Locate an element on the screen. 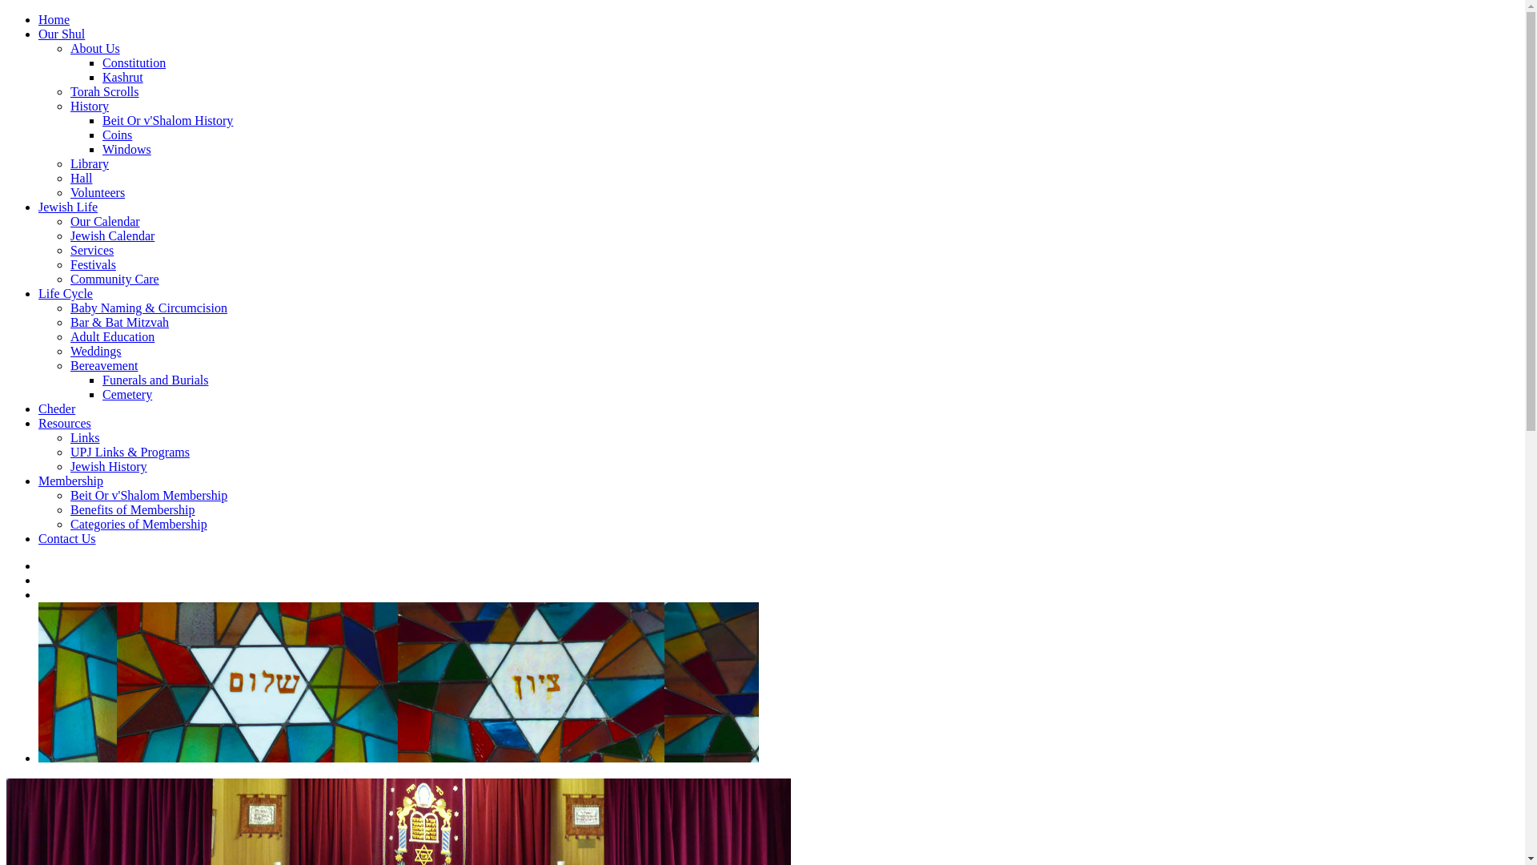 The width and height of the screenshot is (1537, 865). 'History' is located at coordinates (88, 106).